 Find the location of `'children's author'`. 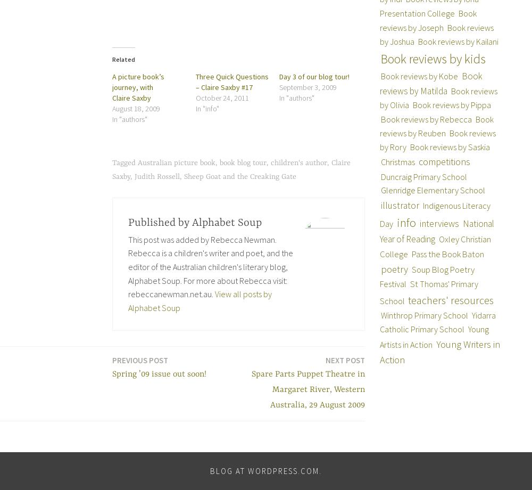

'children's author' is located at coordinates (299, 162).